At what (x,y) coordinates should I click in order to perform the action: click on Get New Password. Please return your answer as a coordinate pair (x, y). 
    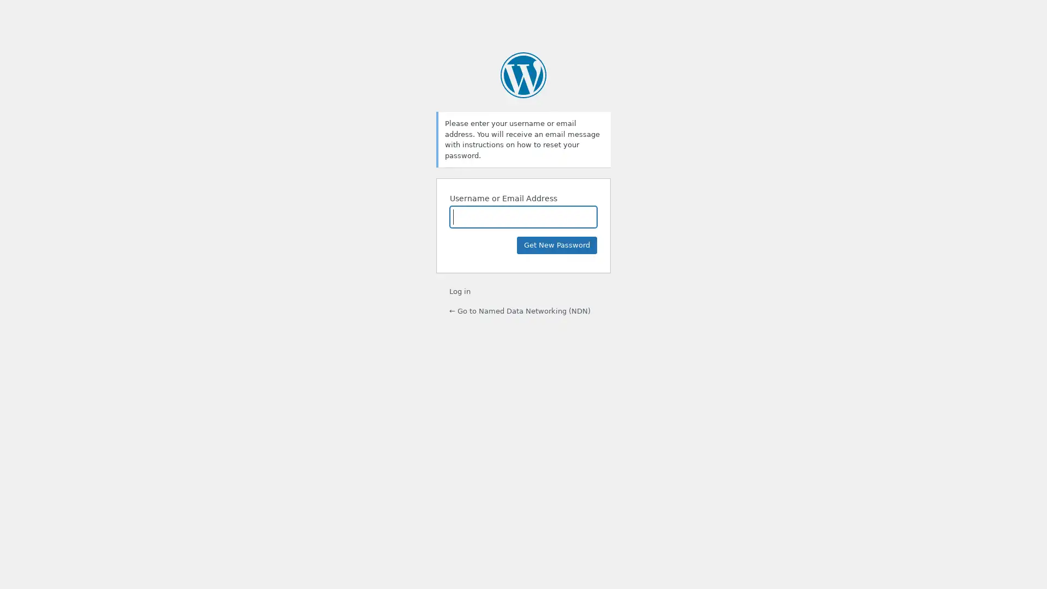
    Looking at the image, I should click on (557, 245).